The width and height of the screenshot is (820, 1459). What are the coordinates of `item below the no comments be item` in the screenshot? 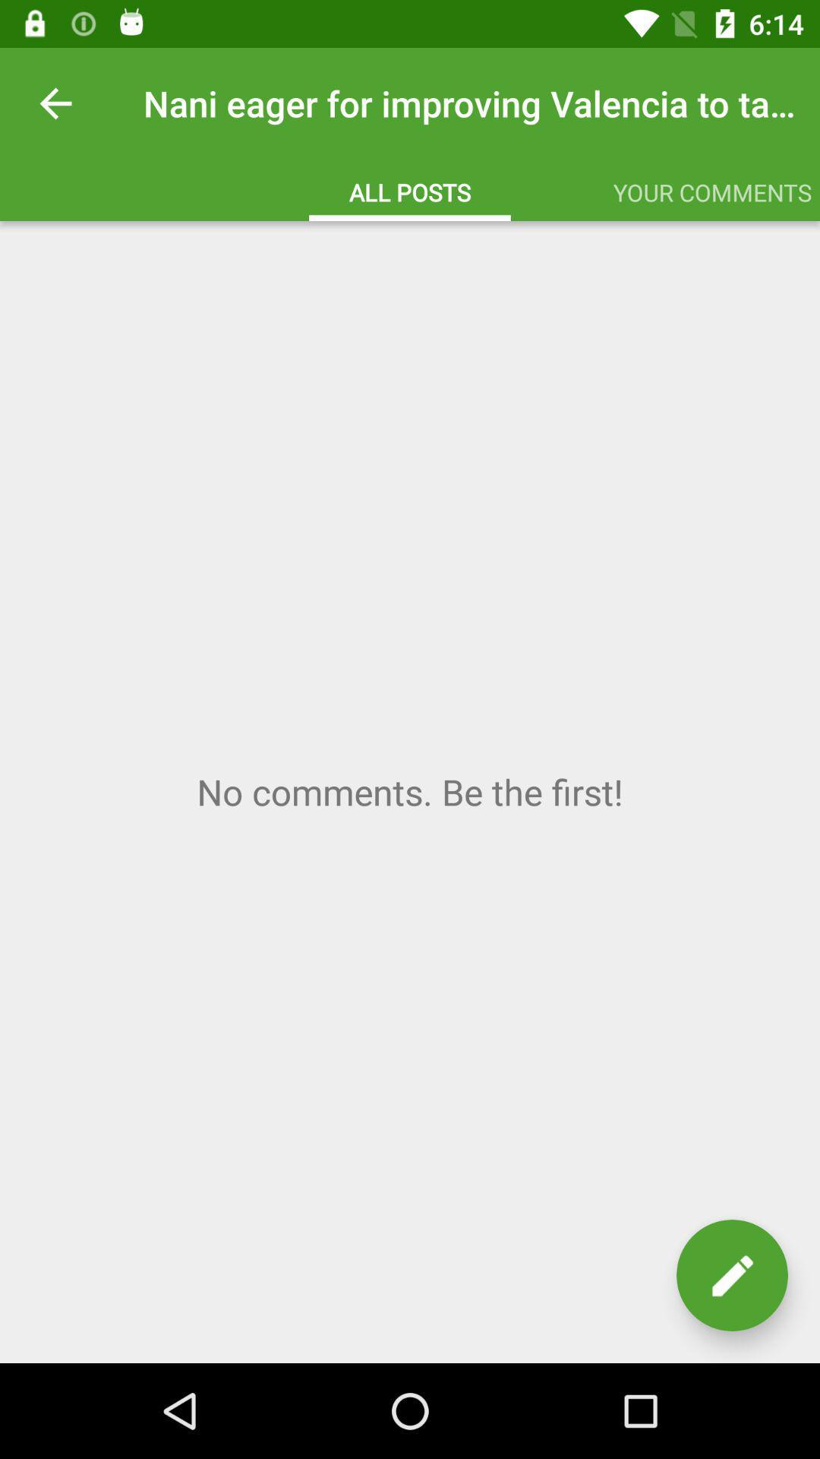 It's located at (731, 1275).